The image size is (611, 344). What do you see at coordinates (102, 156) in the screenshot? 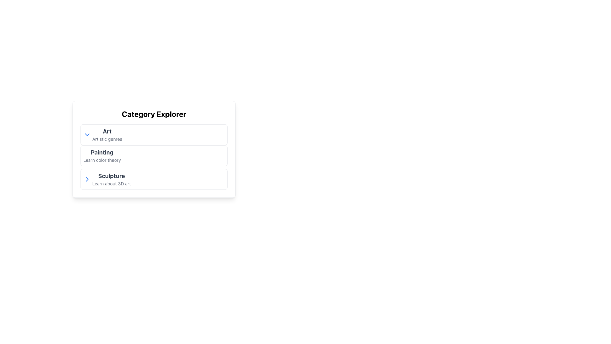
I see `the 'Painting' menu option, which displays 'Painting' in bold and 'Learn color theory' in a smaller gray font, located centrally in the category selection menu` at bounding box center [102, 156].